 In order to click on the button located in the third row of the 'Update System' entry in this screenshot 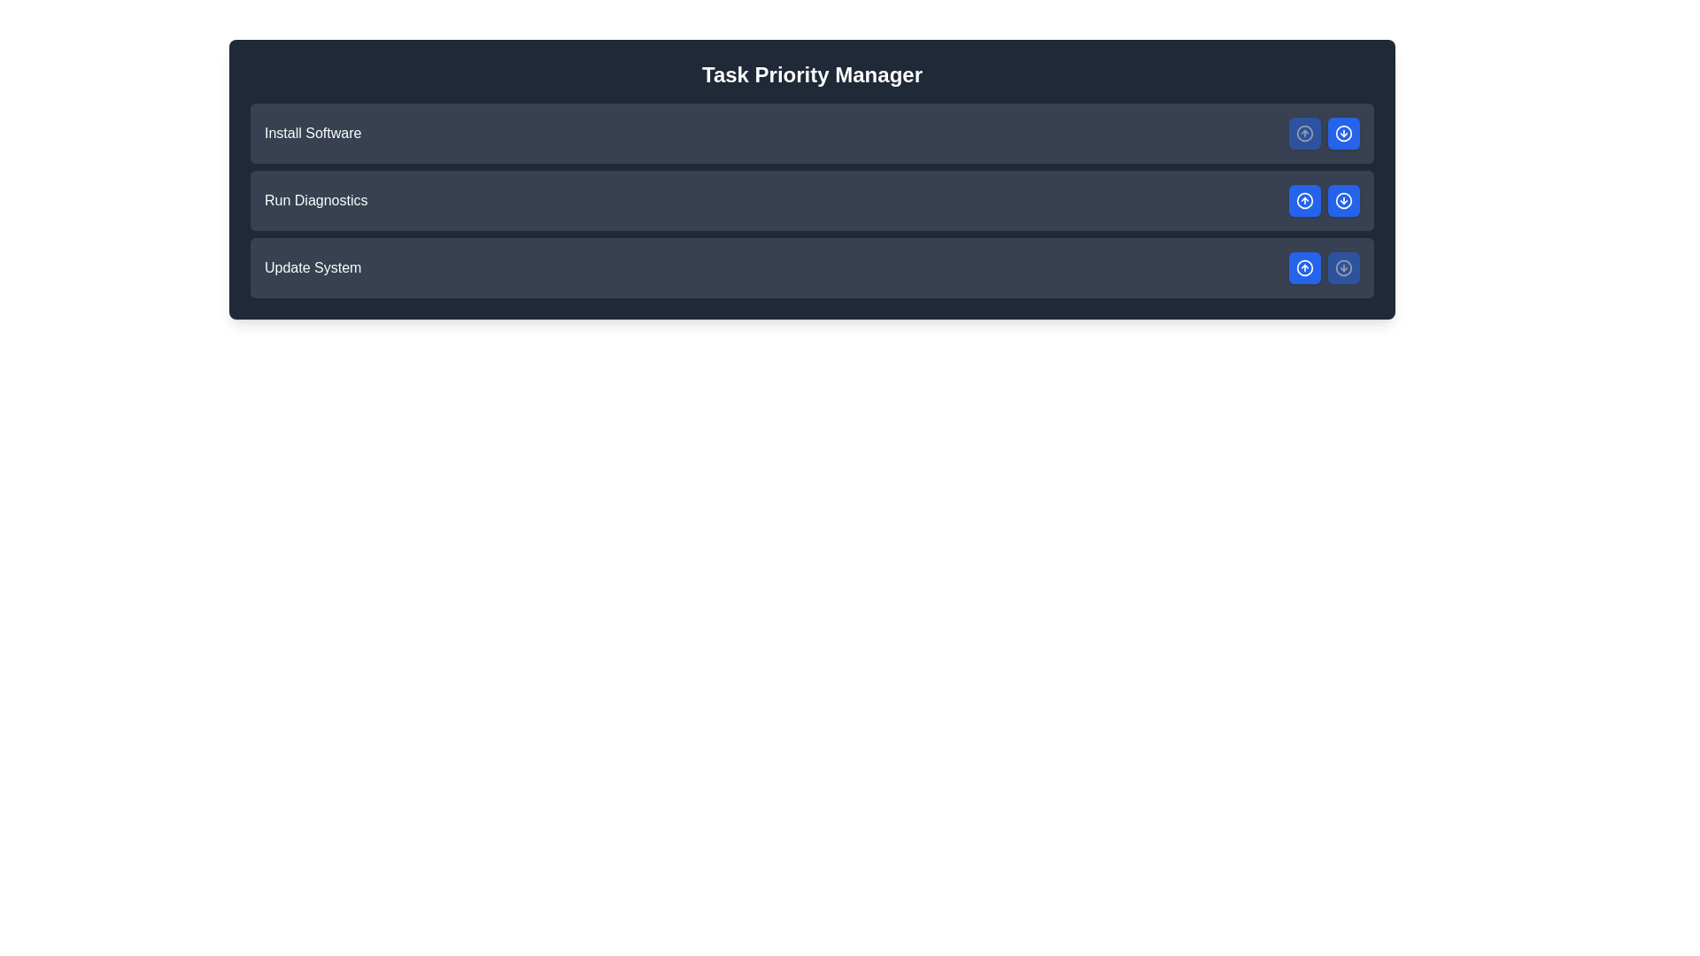, I will do `click(1304, 268)`.